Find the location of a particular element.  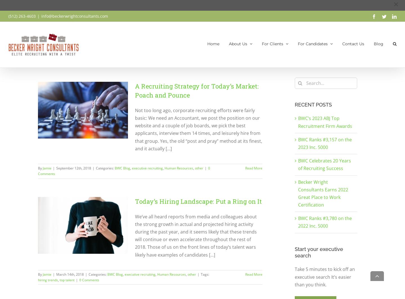

'top talent' is located at coordinates (67, 280).